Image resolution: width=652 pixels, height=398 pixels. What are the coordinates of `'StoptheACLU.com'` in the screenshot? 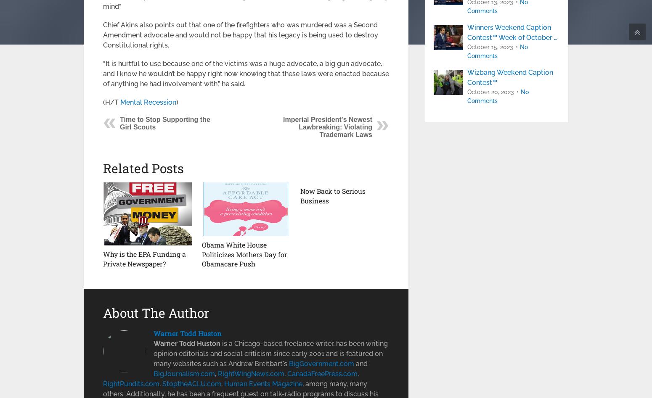 It's located at (192, 383).